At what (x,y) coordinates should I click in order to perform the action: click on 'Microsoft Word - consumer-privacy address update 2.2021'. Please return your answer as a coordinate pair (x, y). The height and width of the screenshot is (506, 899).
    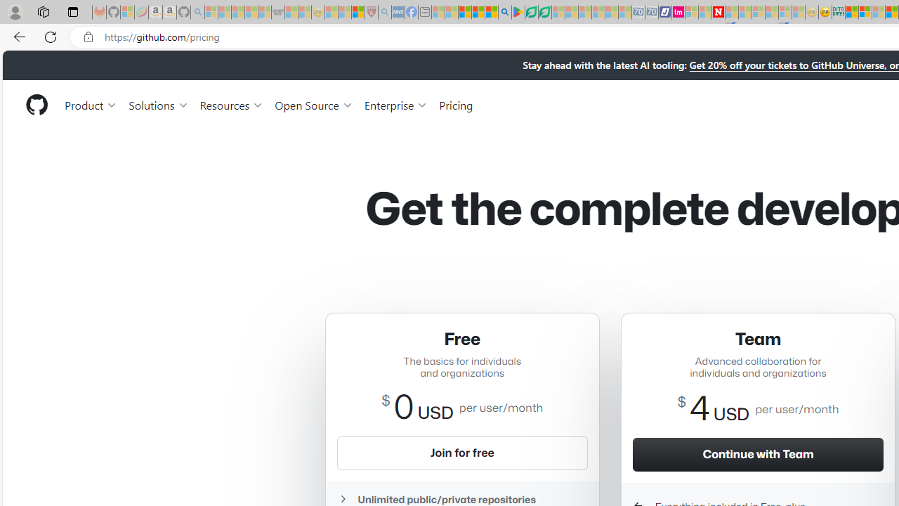
    Looking at the image, I should click on (544, 12).